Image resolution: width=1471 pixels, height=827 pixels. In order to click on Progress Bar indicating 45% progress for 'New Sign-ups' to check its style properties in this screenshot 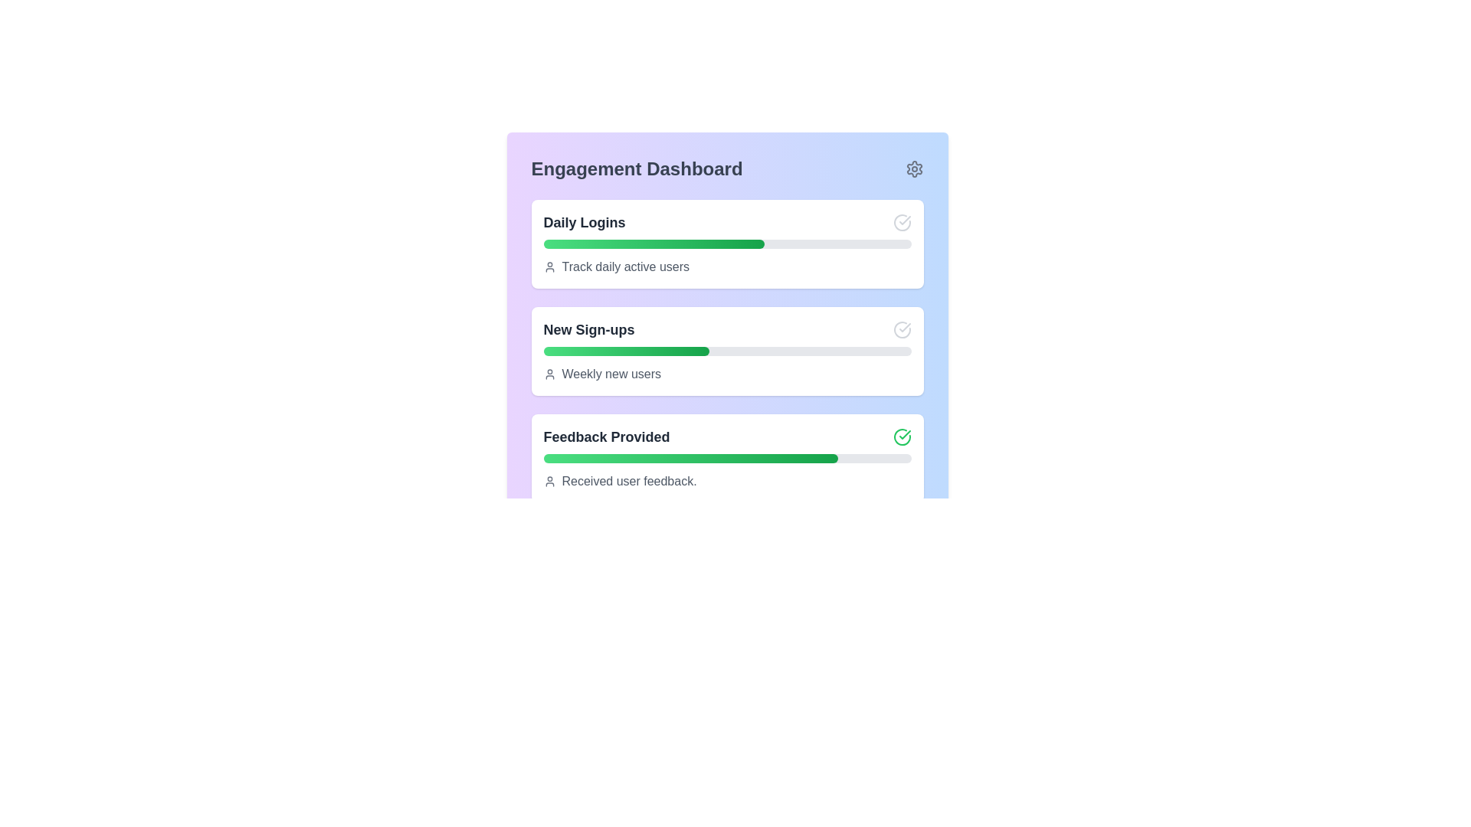, I will do `click(626, 351)`.